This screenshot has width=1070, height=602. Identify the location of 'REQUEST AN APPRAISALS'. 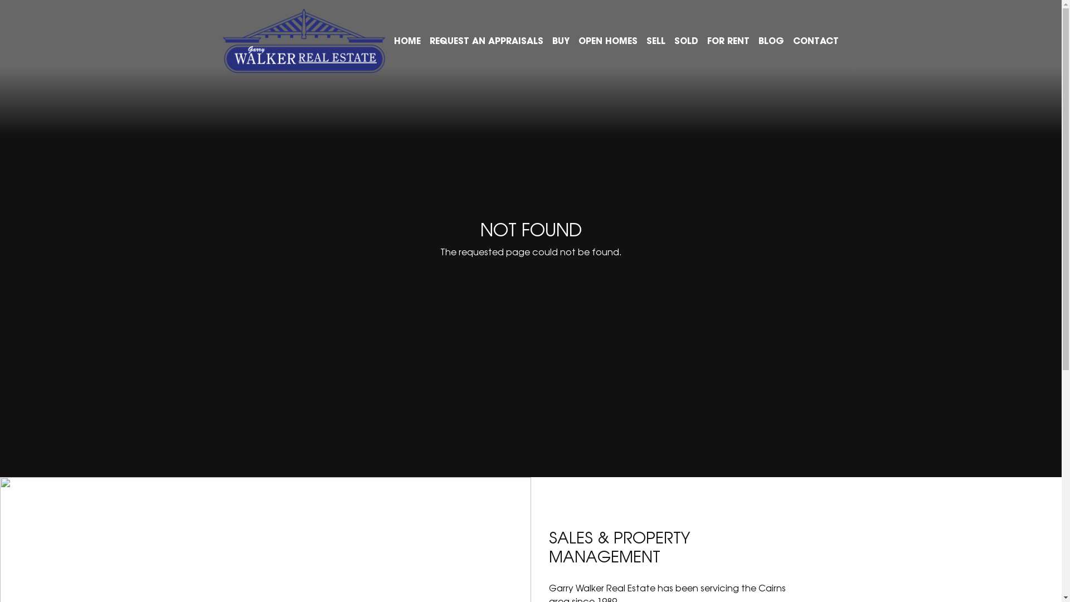
(424, 40).